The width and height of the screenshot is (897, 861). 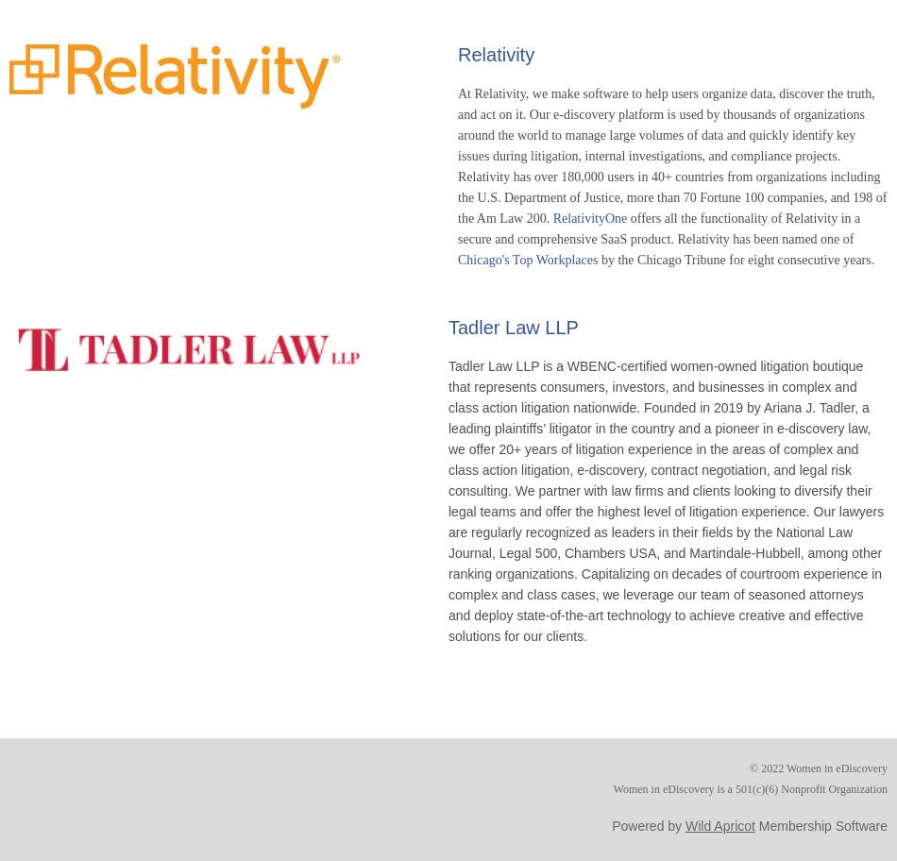 What do you see at coordinates (448, 326) in the screenshot?
I see `'Tadler Law LLP'` at bounding box center [448, 326].